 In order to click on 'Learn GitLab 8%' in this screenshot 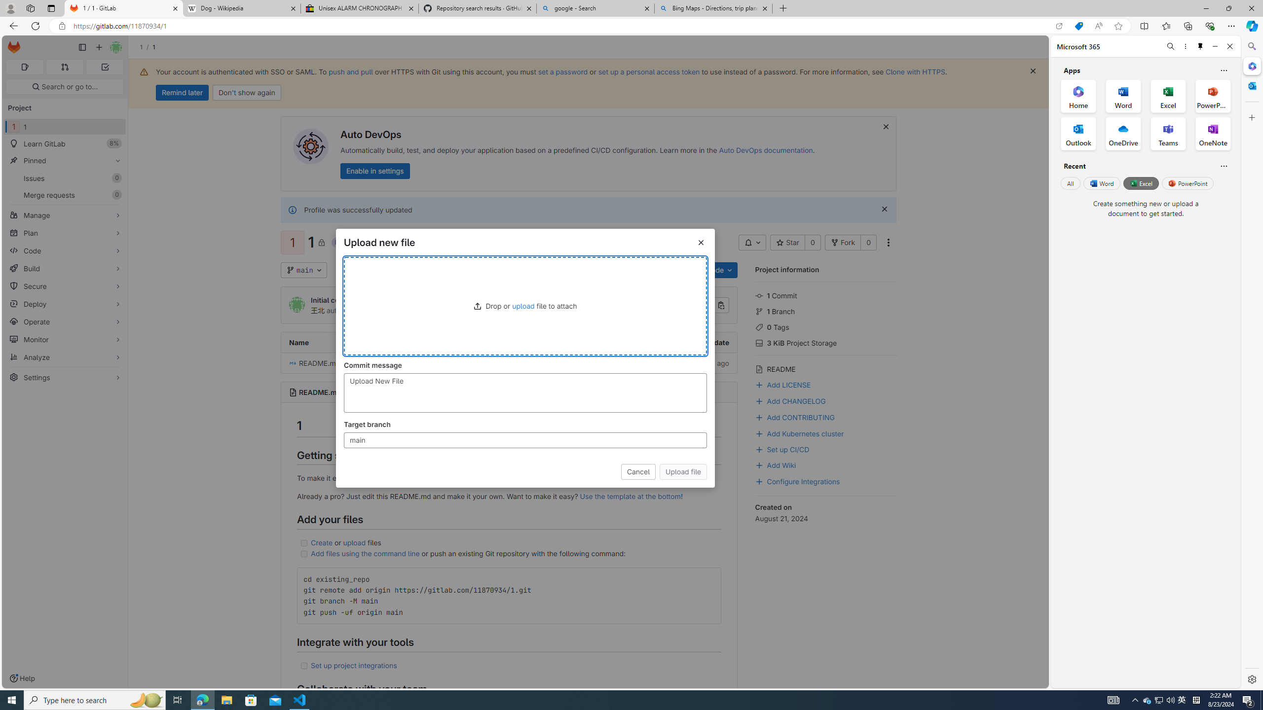, I will do `click(64, 143)`.